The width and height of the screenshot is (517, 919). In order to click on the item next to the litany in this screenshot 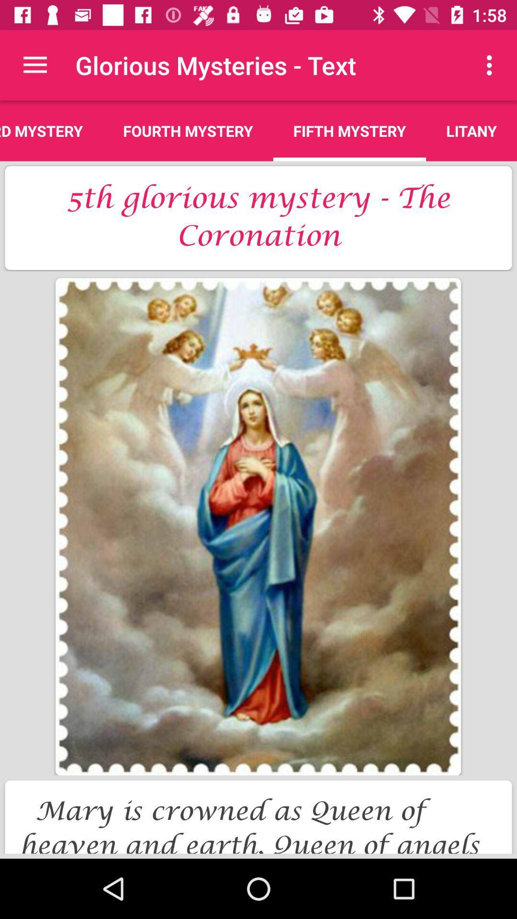, I will do `click(349, 130)`.